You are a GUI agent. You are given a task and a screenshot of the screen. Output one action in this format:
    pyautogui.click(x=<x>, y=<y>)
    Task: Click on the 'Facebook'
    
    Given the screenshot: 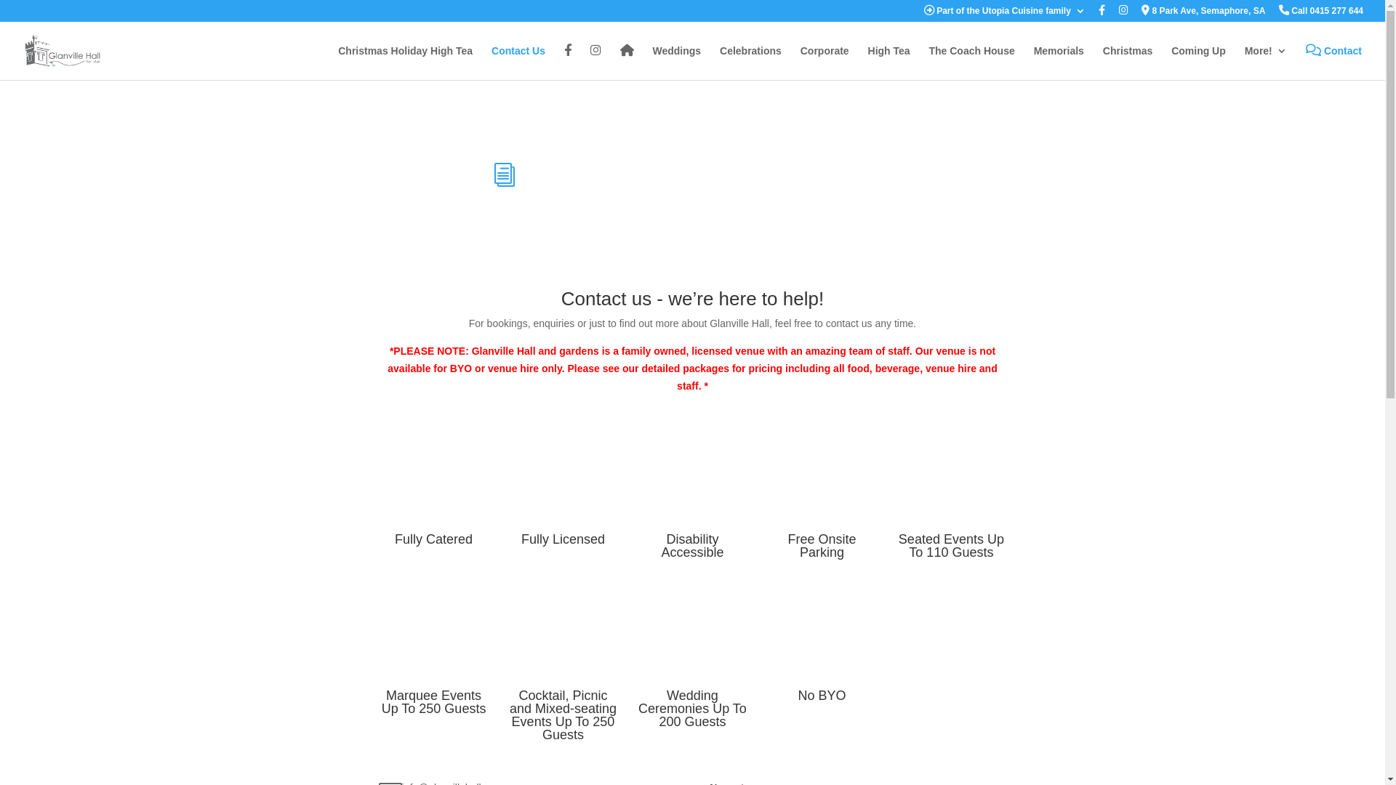 What is the action you would take?
    pyautogui.click(x=1099, y=14)
    